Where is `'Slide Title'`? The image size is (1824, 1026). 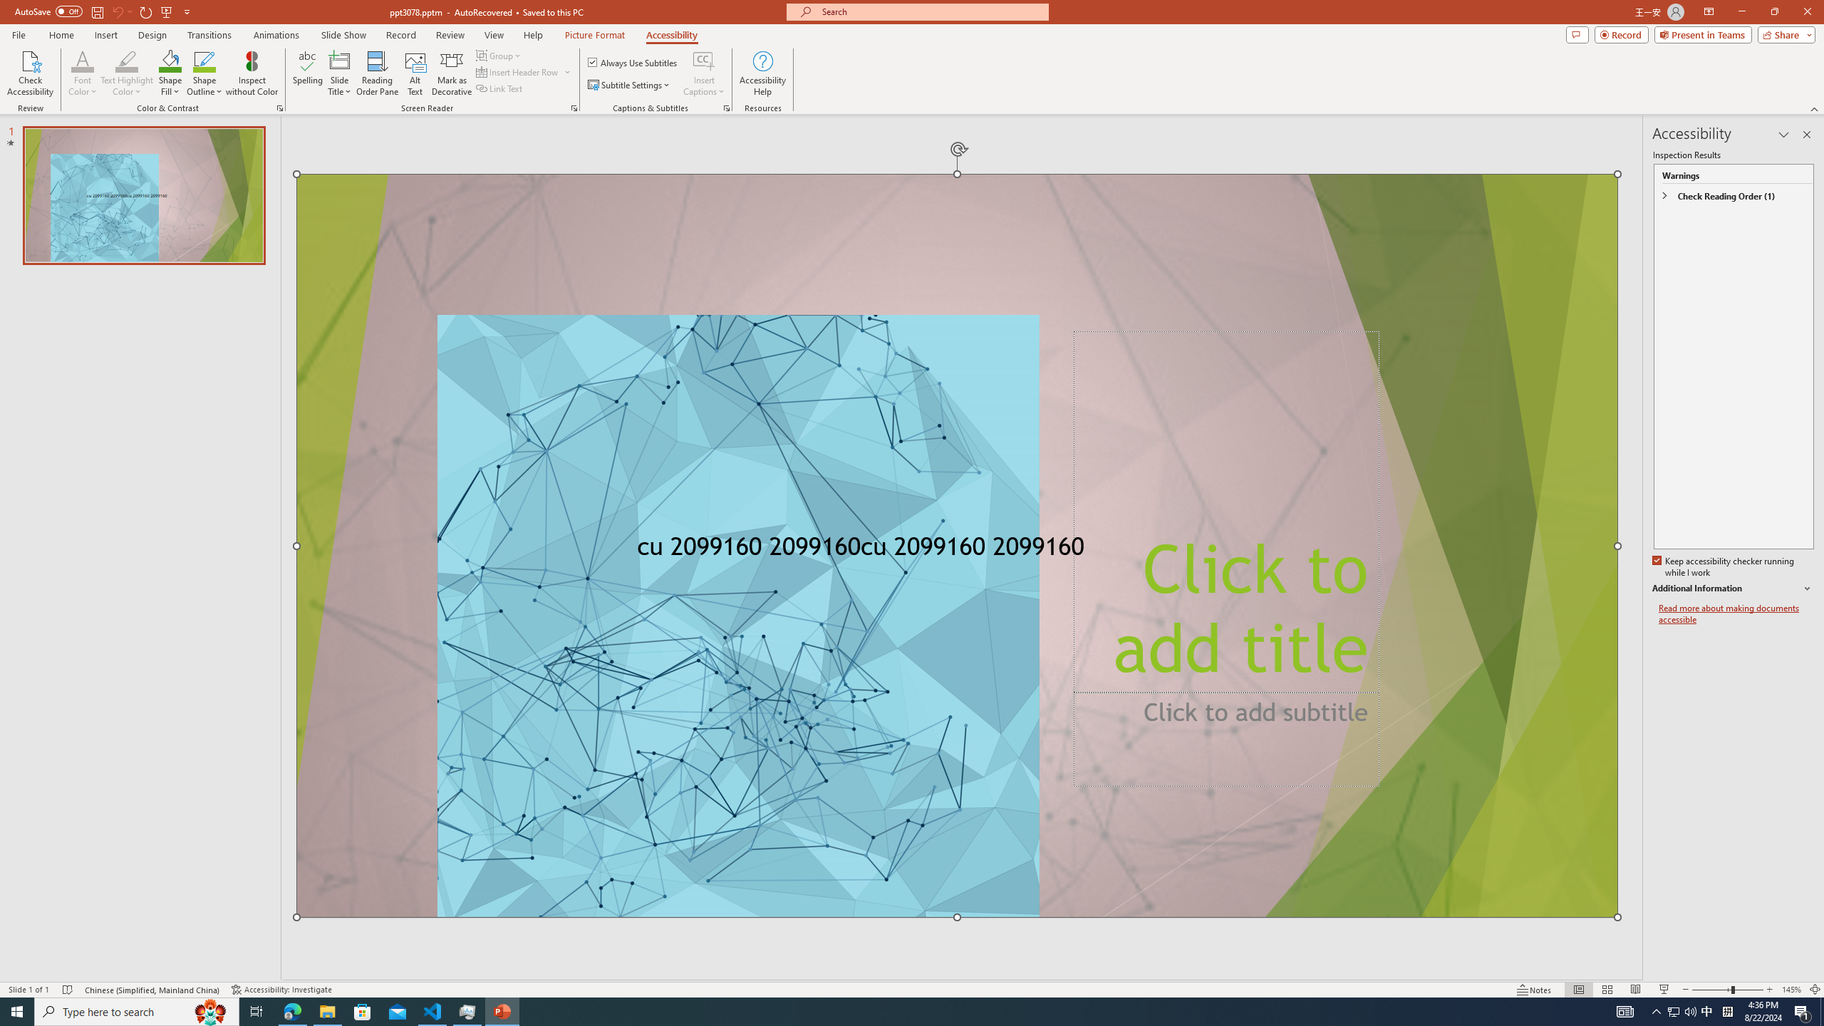
'Slide Title' is located at coordinates (339, 73).